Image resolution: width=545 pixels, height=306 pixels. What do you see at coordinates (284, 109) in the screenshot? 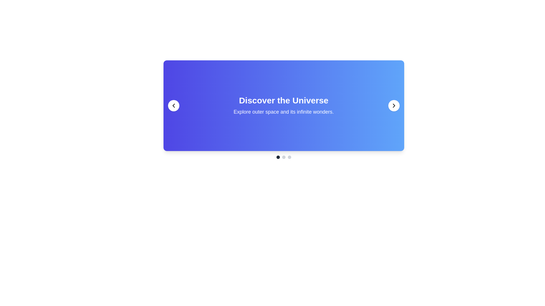
I see `information displayed in the text block containing a heading and subheading, which is centrally positioned within a gradient blue box` at bounding box center [284, 109].